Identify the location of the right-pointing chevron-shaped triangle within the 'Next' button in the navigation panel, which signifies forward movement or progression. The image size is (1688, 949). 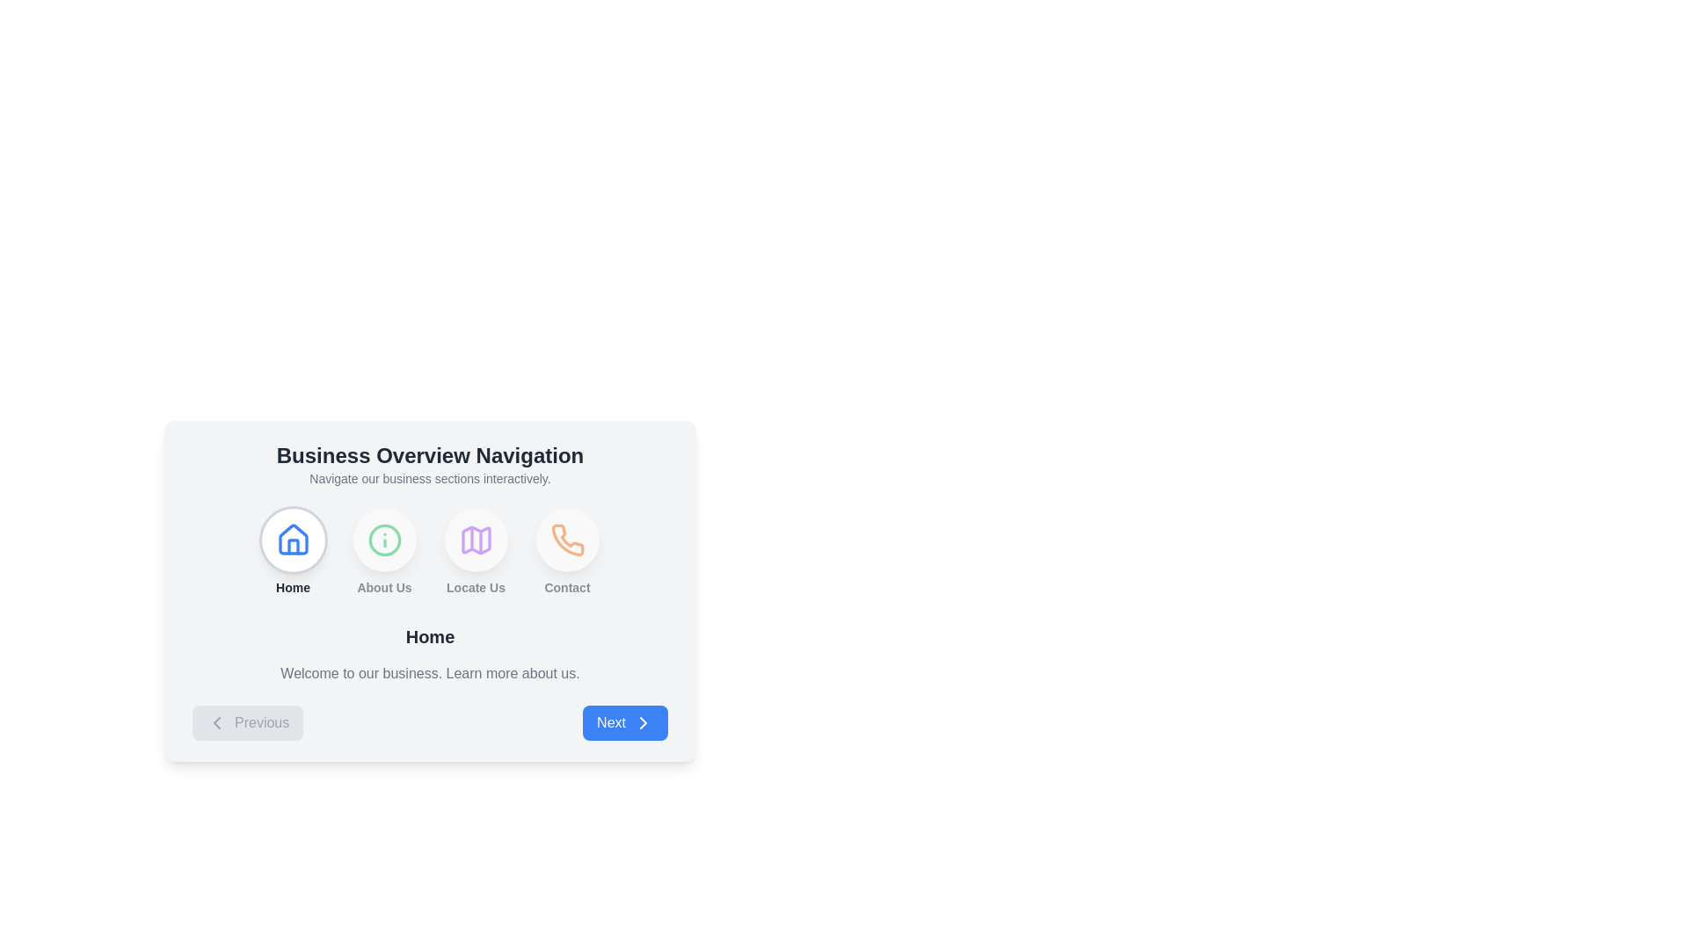
(642, 722).